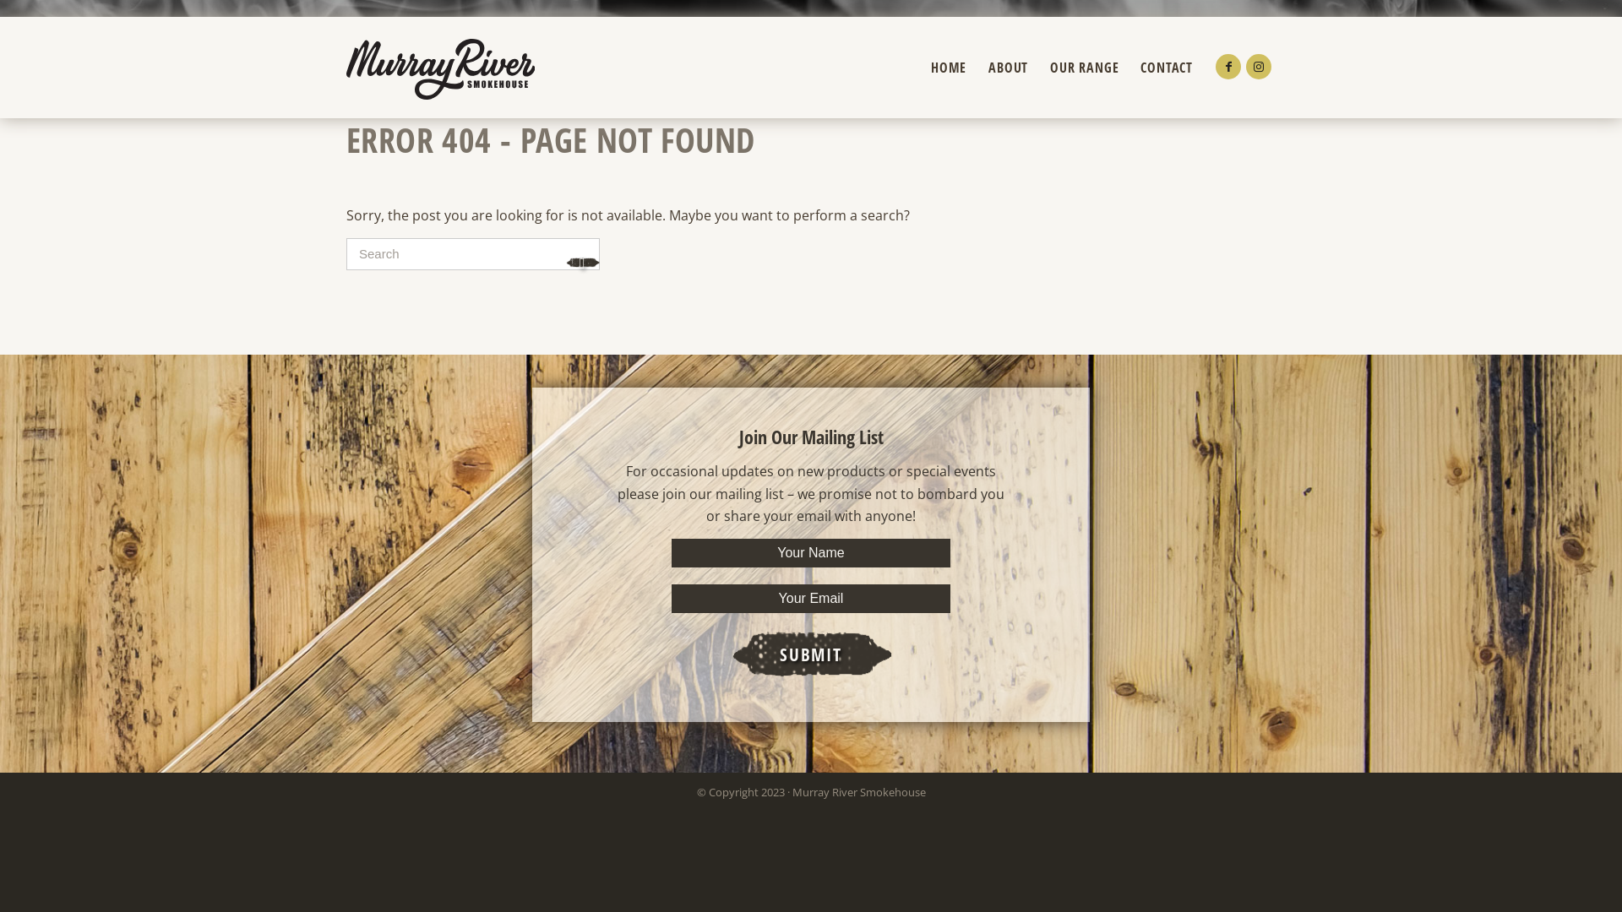  Describe the element at coordinates (1084, 67) in the screenshot. I see `'OUR RANGE'` at that location.